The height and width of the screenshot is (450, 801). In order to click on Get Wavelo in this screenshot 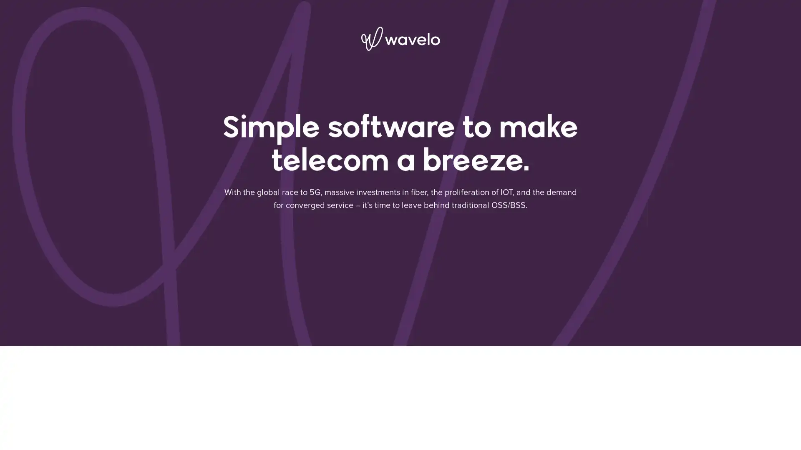, I will do `click(512, 390)`.